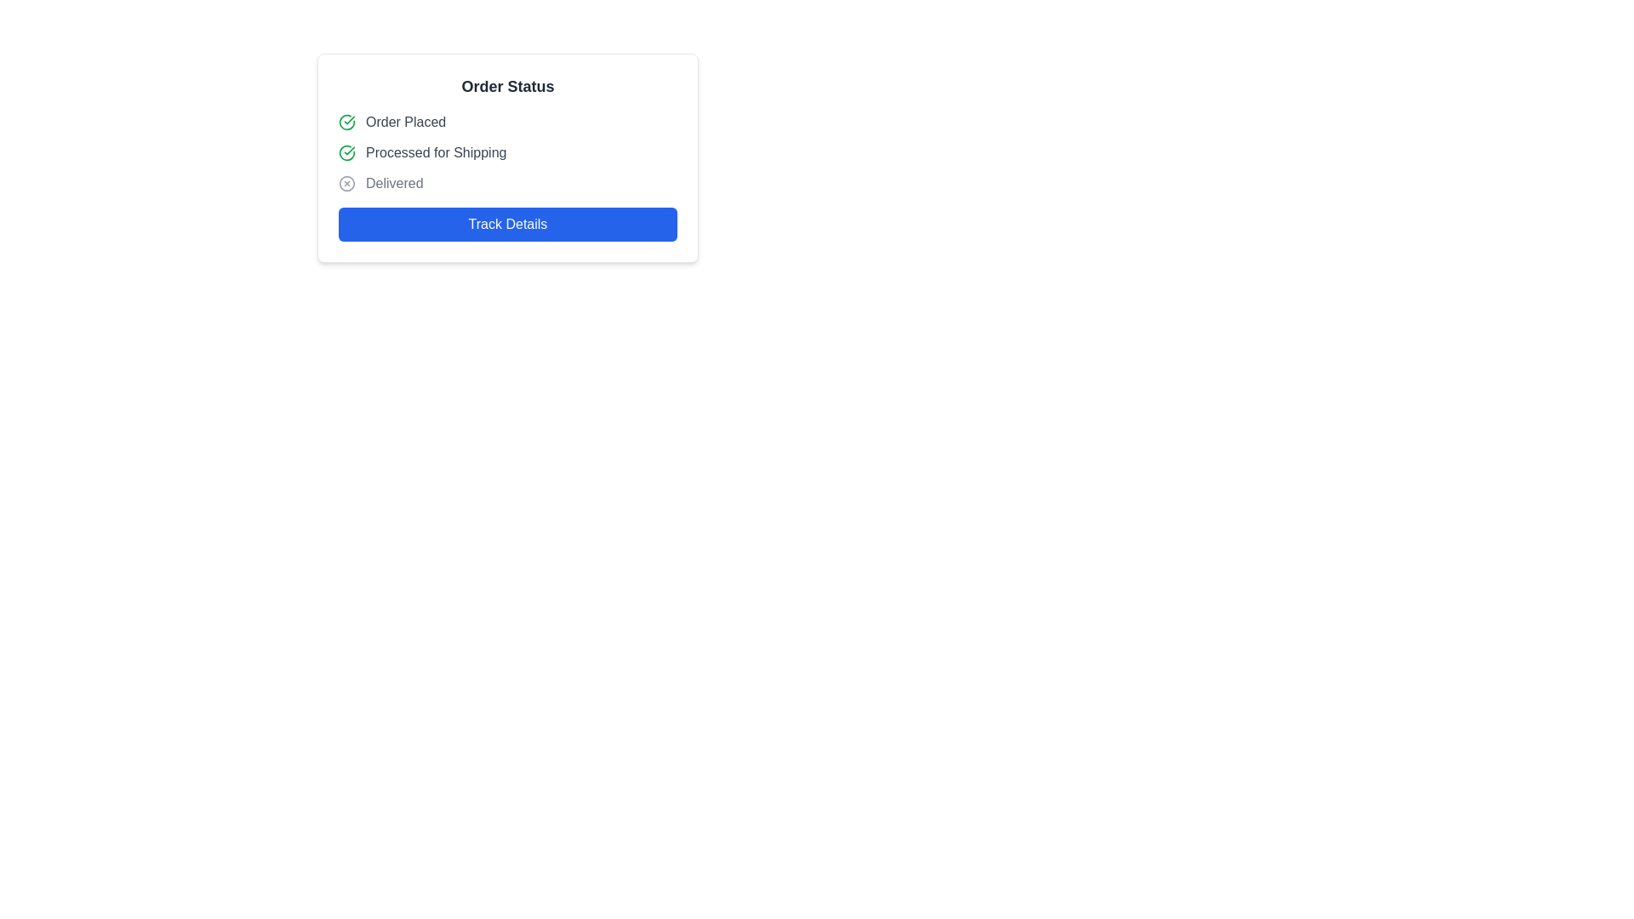  Describe the element at coordinates (346, 121) in the screenshot. I see `the visual status indicated by the green circular checkmark icon at the beginning of the 'Order Placed' text` at that location.